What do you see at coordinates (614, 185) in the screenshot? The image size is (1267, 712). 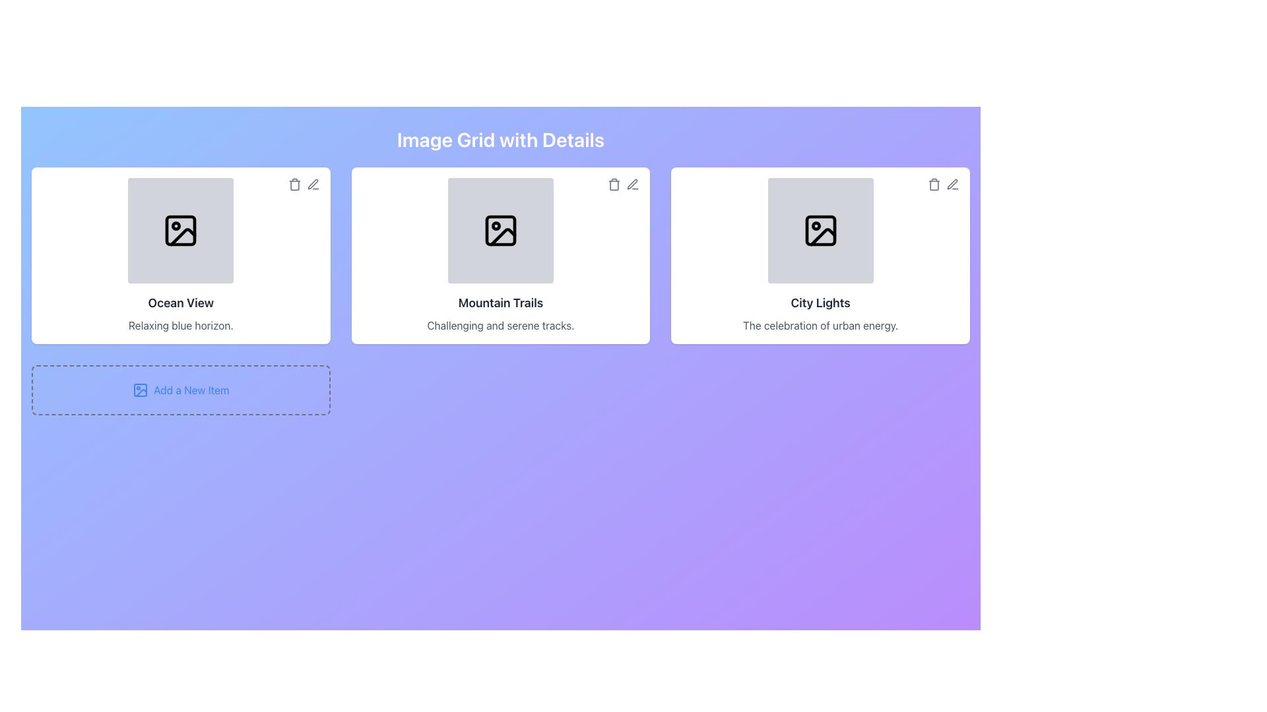 I see `the trash or delete icon located in the top-right corner of the second item in the grid layout` at bounding box center [614, 185].